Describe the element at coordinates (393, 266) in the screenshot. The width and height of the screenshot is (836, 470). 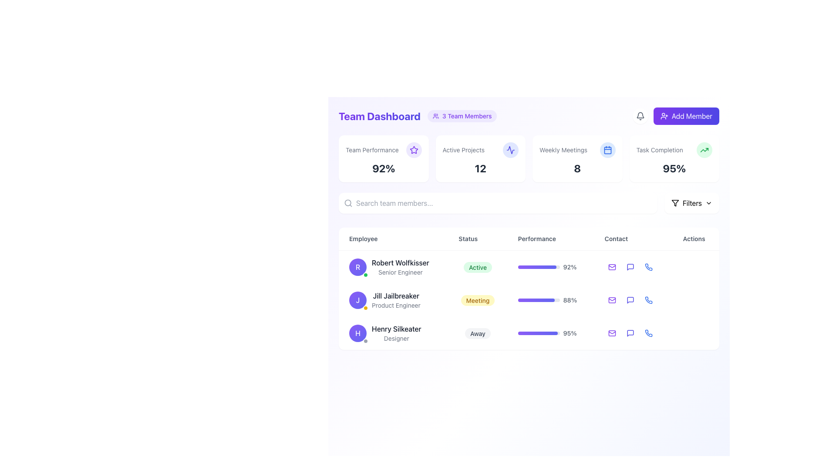
I see `the employee information row displaying 'Robert Wolfkisser', which includes a circular avatar and a green status dot in the team dashboard` at that location.